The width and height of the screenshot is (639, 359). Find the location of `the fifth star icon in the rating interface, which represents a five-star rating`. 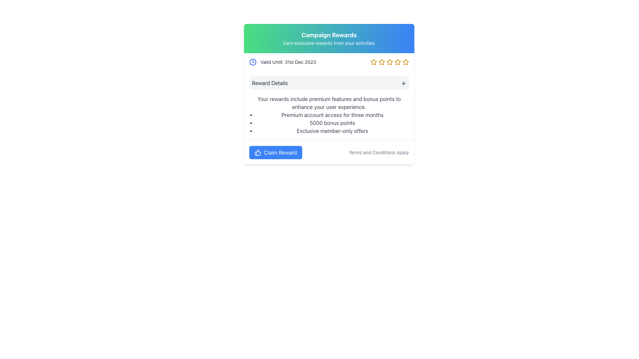

the fifth star icon in the rating interface, which represents a five-star rating is located at coordinates (405, 62).